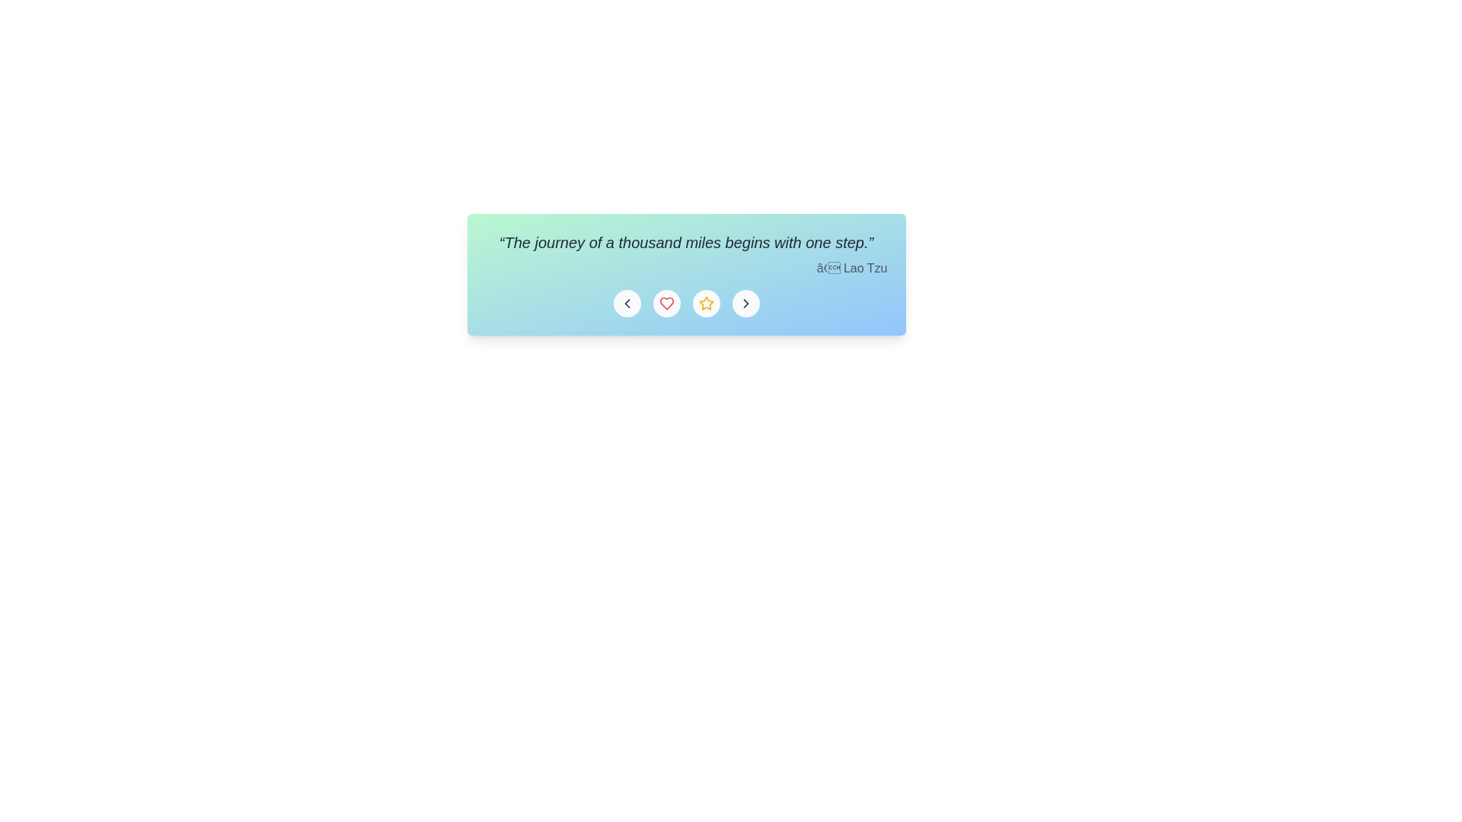 Image resolution: width=1462 pixels, height=822 pixels. Describe the element at coordinates (666, 303) in the screenshot. I see `the circular button containing a red heart icon, which symbolizes a 'like' or 'favorite' functionality, to change its background color` at that location.